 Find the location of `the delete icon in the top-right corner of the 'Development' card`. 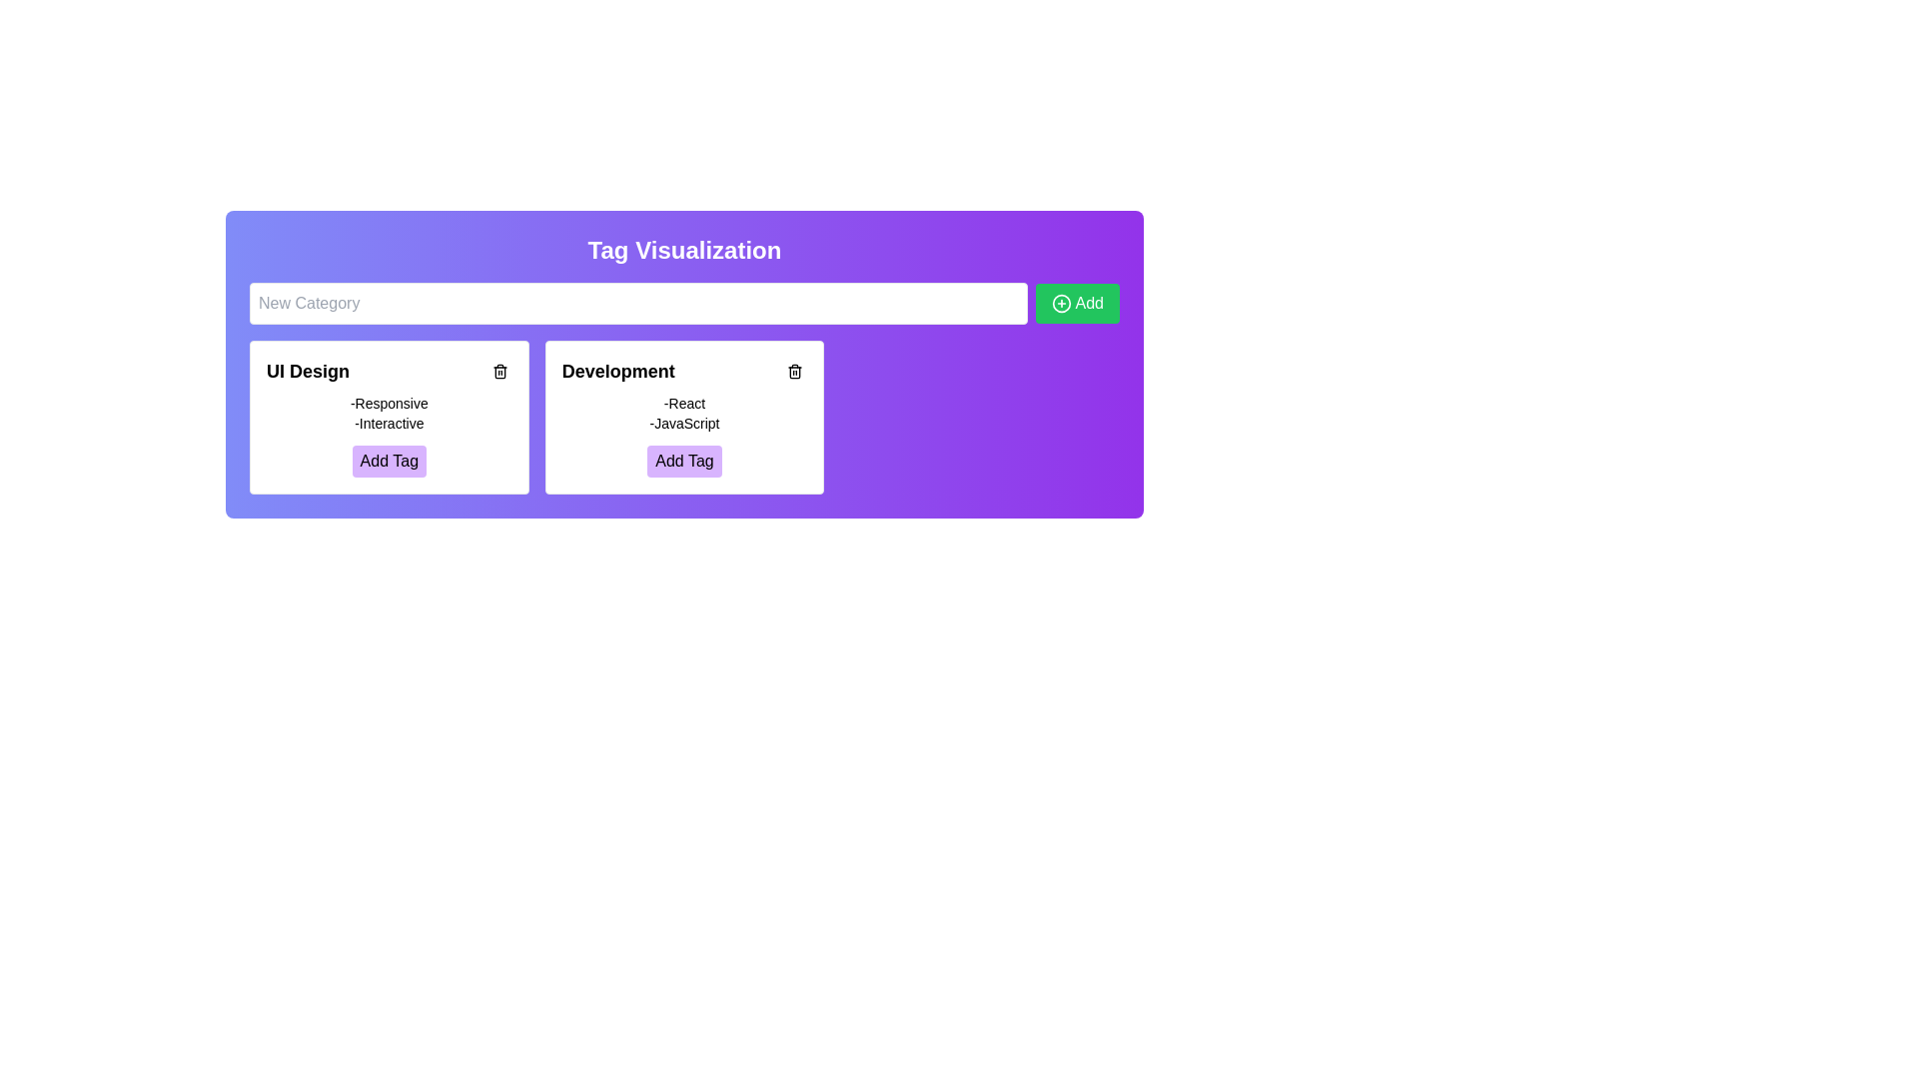

the delete icon in the top-right corner of the 'Development' card is located at coordinates (794, 373).